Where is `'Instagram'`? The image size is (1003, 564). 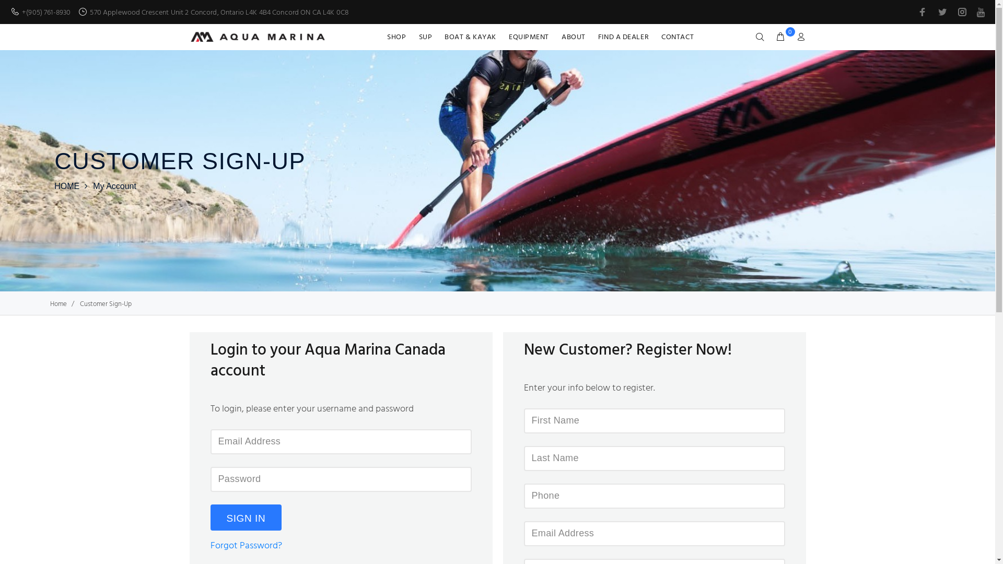
'Instagram' is located at coordinates (955, 12).